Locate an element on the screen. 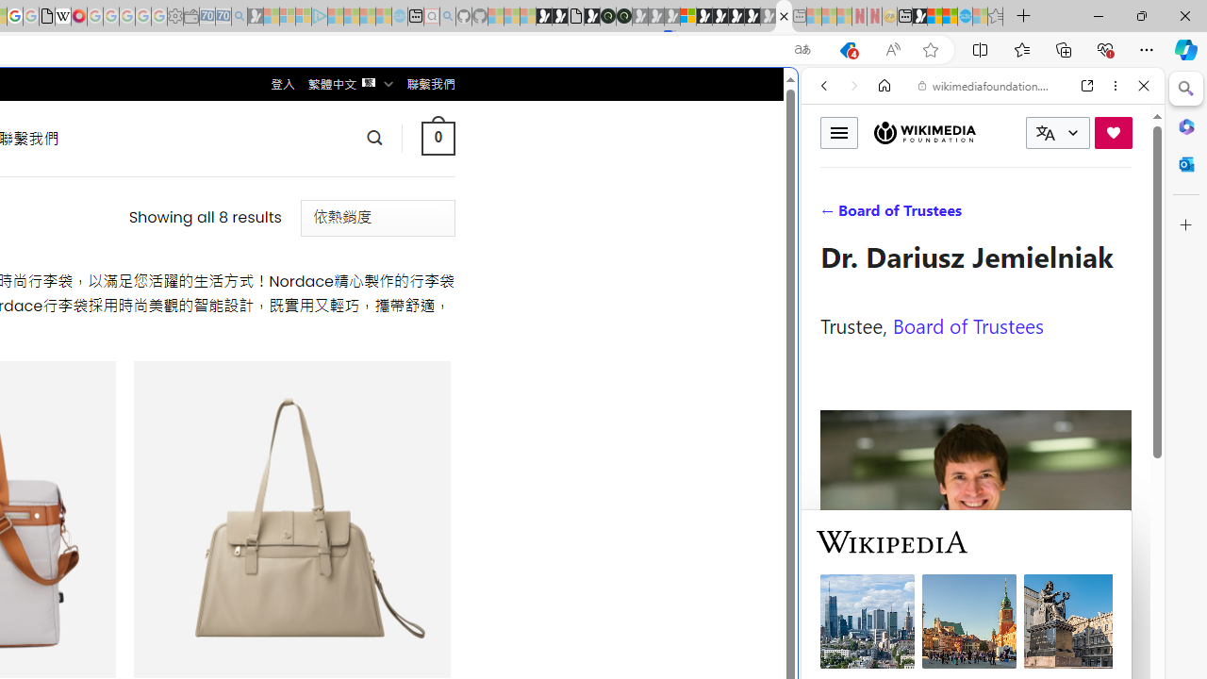 This screenshot has width=1207, height=679. 'Wiktionary' is located at coordinates (975, 631).